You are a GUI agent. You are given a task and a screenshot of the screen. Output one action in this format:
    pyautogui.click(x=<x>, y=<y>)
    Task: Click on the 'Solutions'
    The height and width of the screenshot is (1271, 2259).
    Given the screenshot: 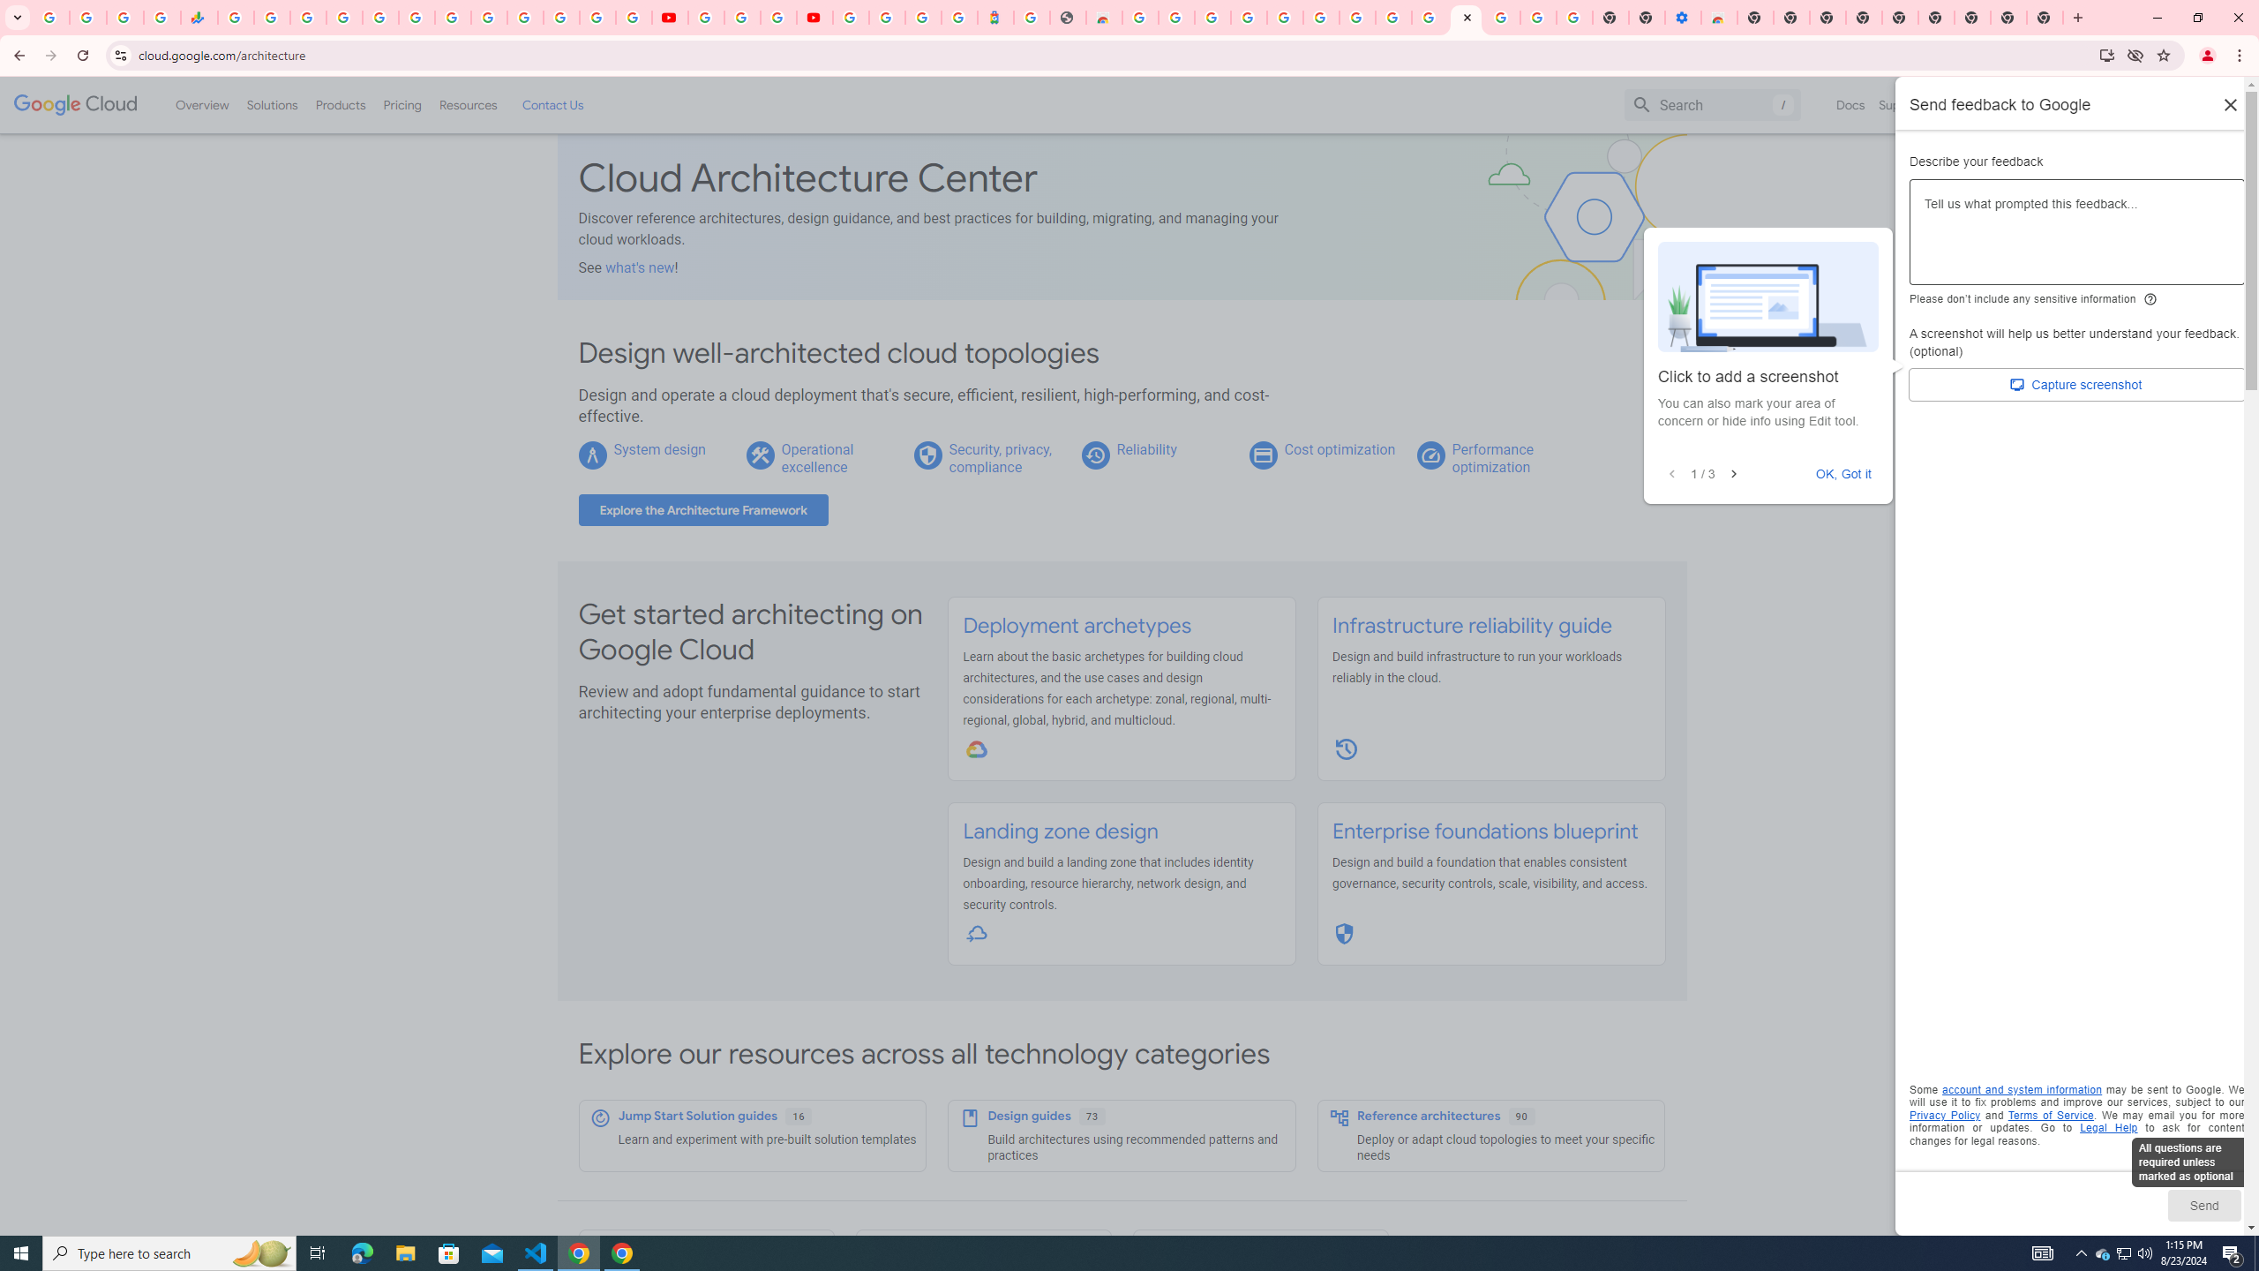 What is the action you would take?
    pyautogui.click(x=271, y=104)
    